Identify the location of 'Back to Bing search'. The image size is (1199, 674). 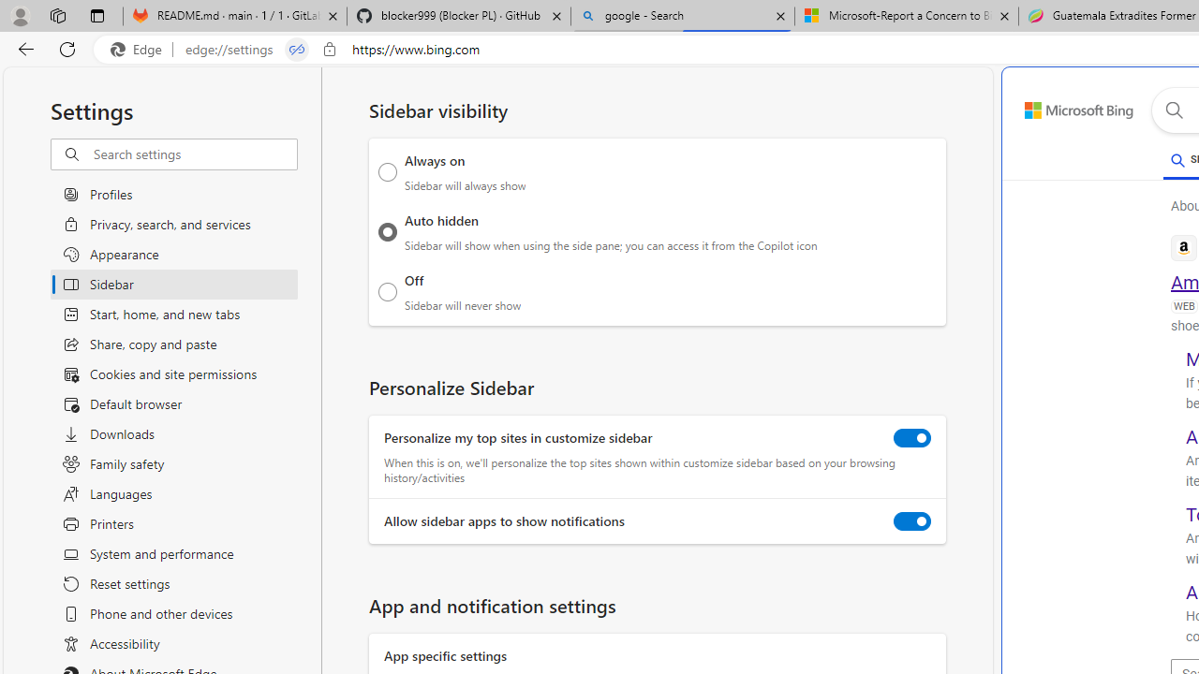
(1067, 107).